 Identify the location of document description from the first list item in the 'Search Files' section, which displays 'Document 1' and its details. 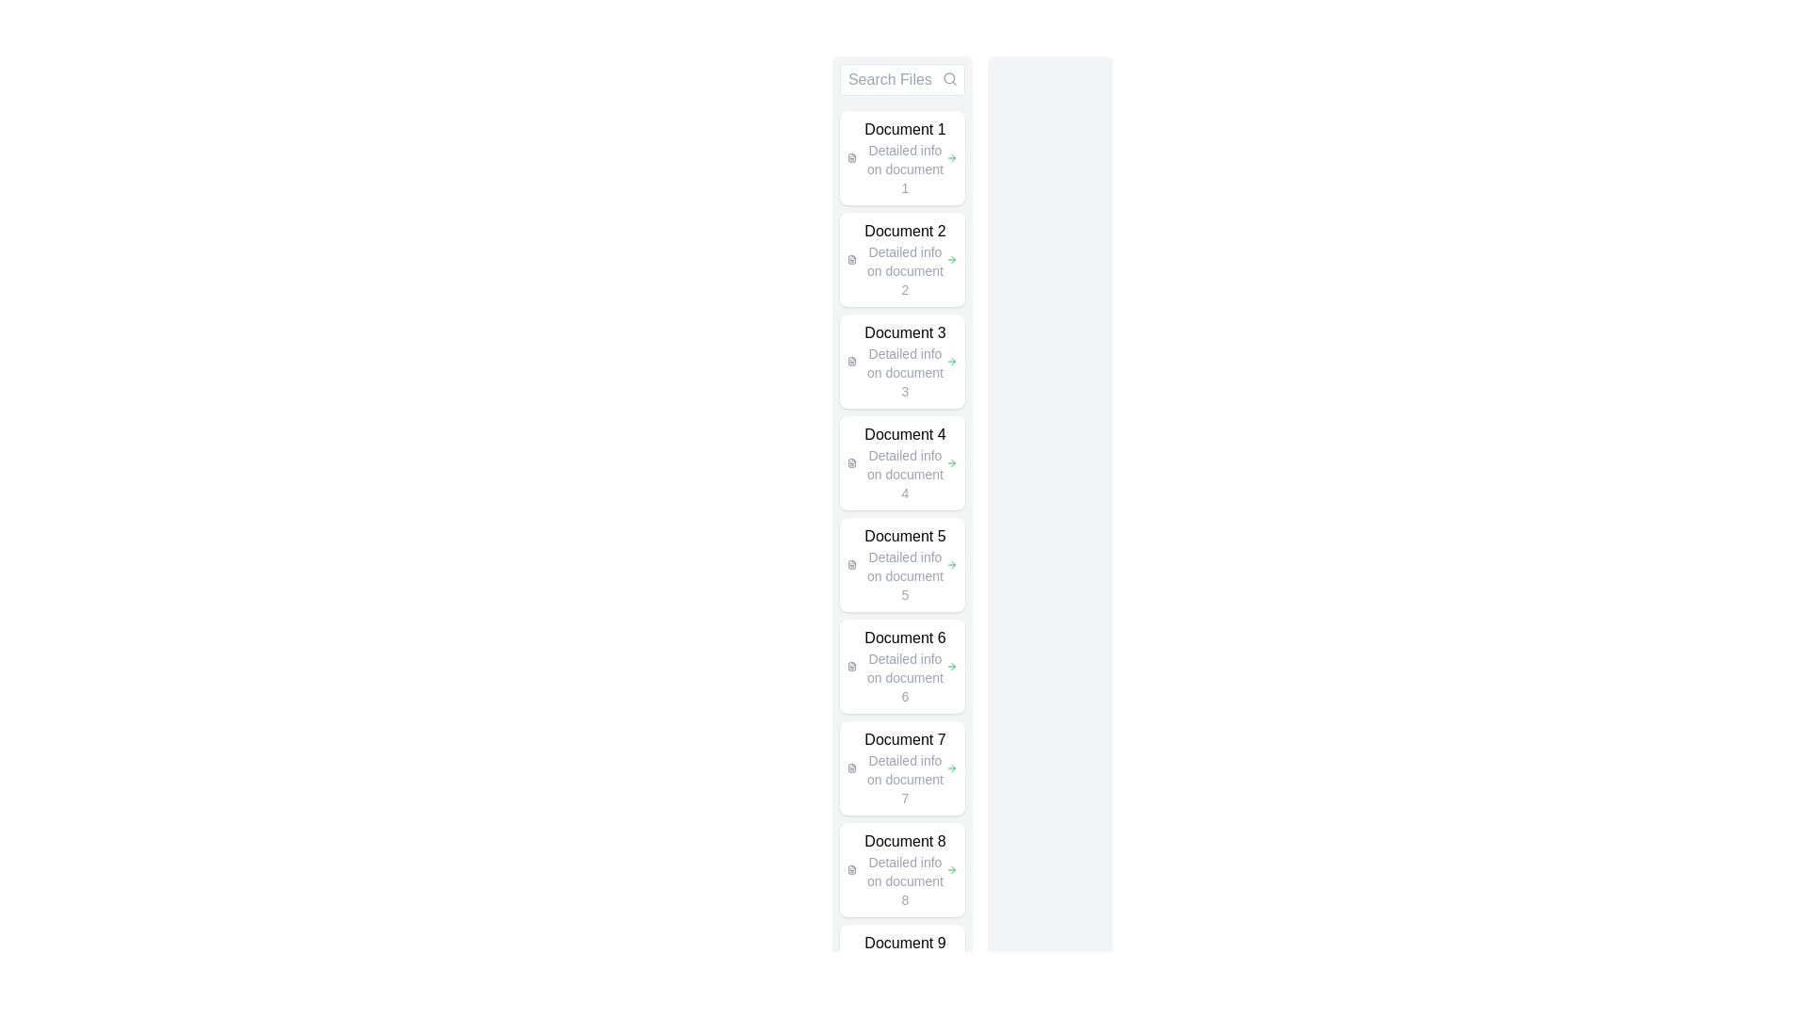
(901, 157).